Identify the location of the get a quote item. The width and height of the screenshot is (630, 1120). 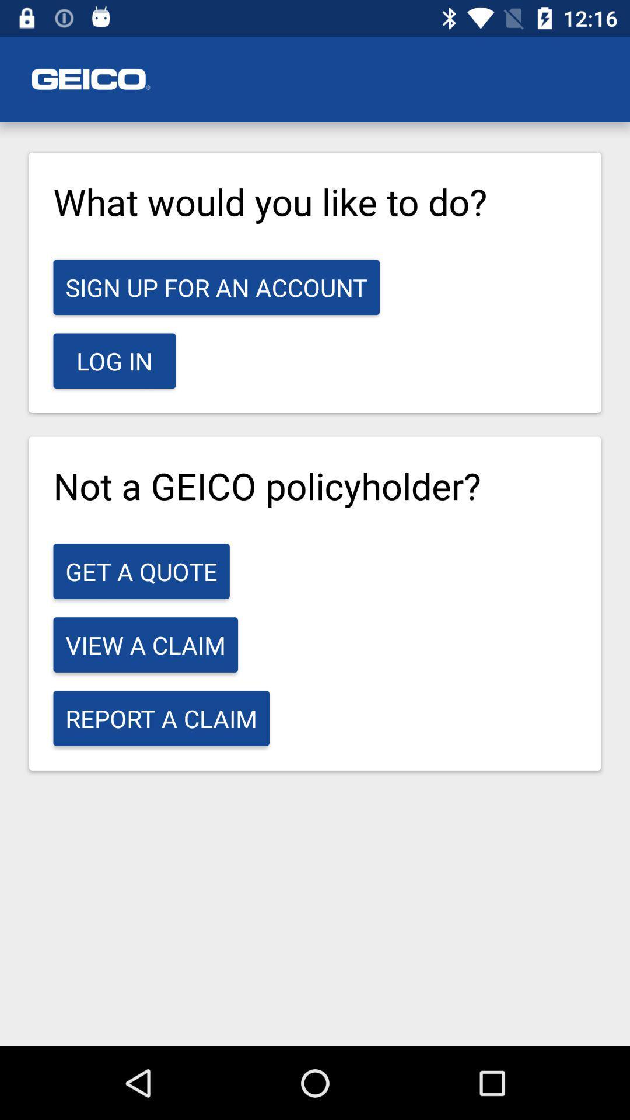
(141, 571).